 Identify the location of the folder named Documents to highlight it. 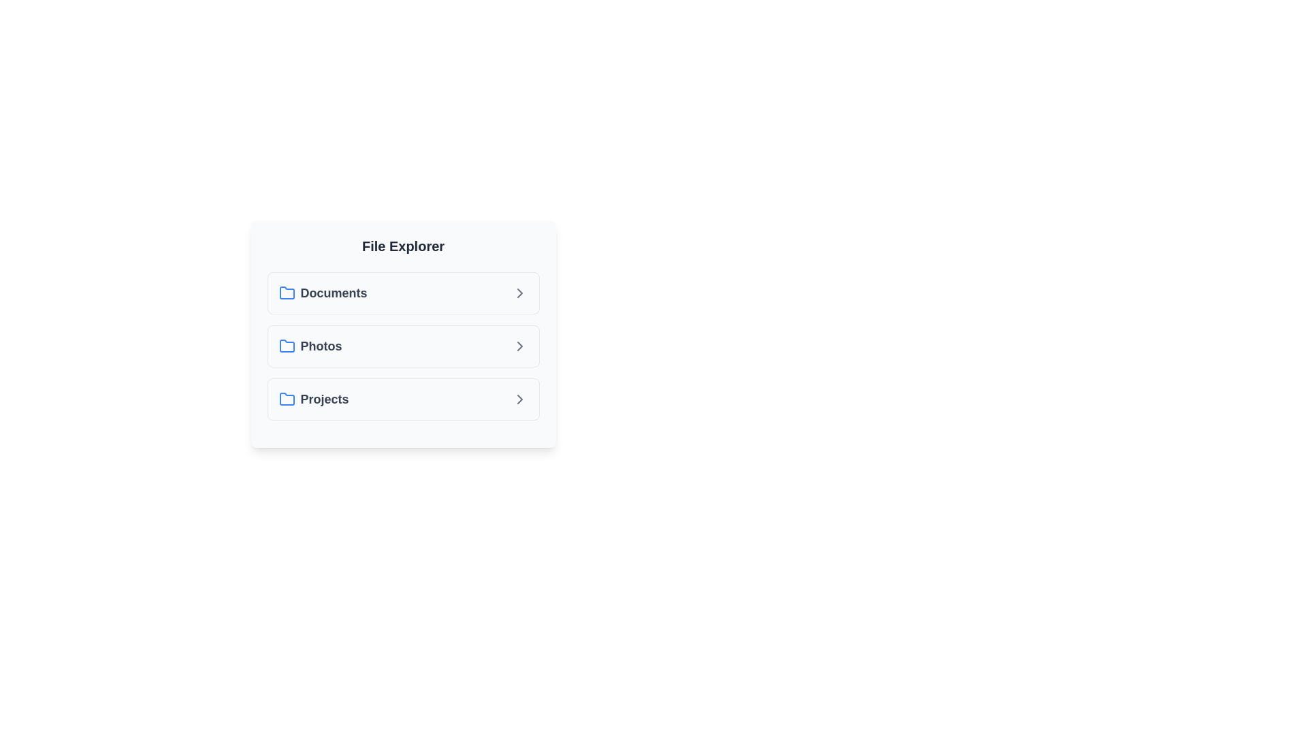
(402, 293).